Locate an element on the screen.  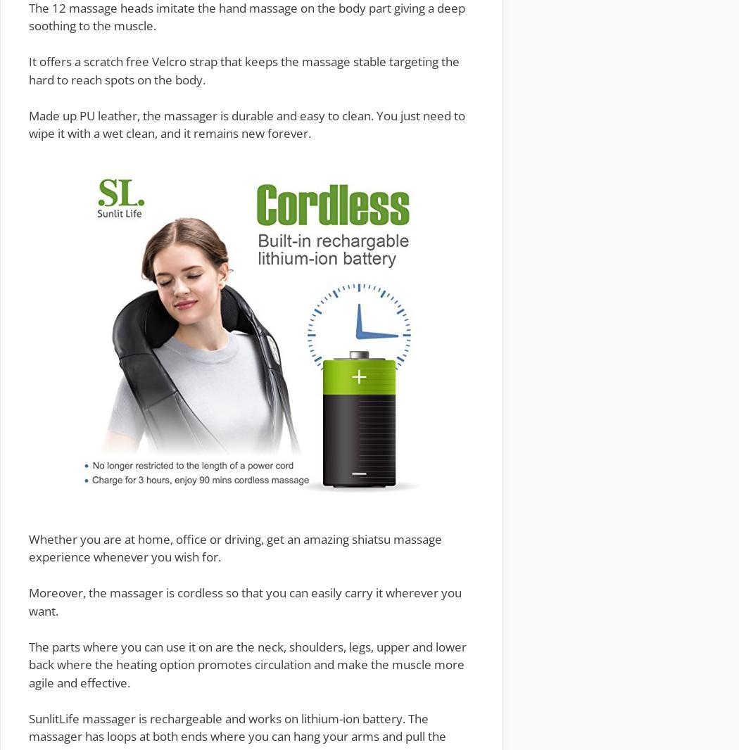
'Made up PU leather, the massager is durable and easy to clean. You just need to wipe it with a wet clean, and it remains new forever.' is located at coordinates (246, 123).